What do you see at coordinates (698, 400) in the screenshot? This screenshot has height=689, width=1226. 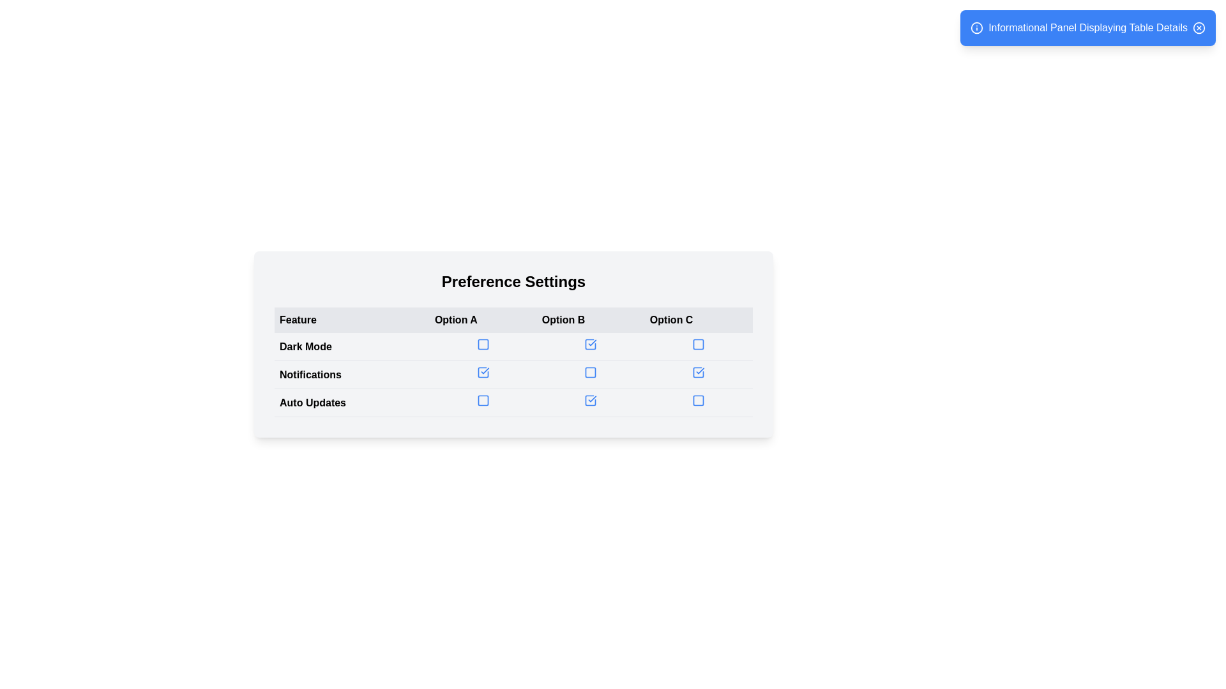 I see `the checkbox indicating the 'Auto Updates' feature under 'Option C'` at bounding box center [698, 400].